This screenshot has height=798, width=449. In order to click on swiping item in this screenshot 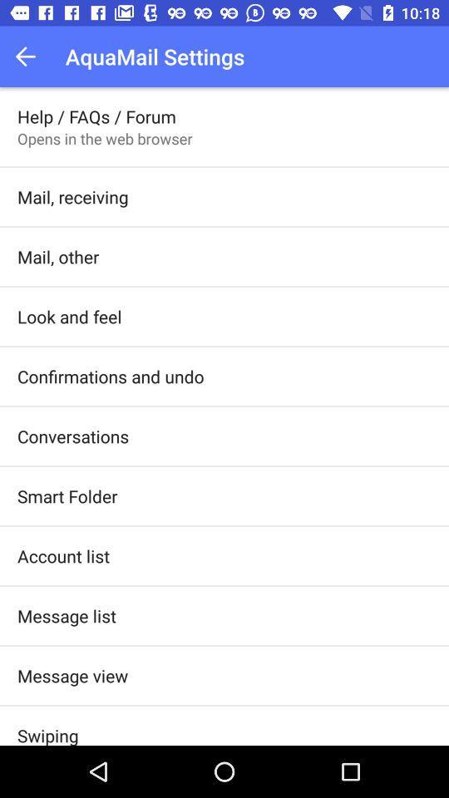, I will do `click(47, 733)`.